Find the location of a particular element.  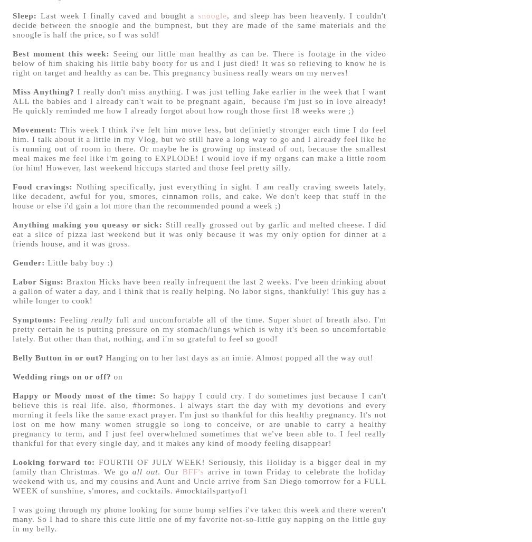

'Nothing specifically, just everything in sight. I am really craving sweets lately, like decadent, awful for you, smores, cinnamon rolls, and cake. We don't keep that stuff in the house or else i'd gain a lot more than the recommended pound a week ;)' is located at coordinates (199, 195).